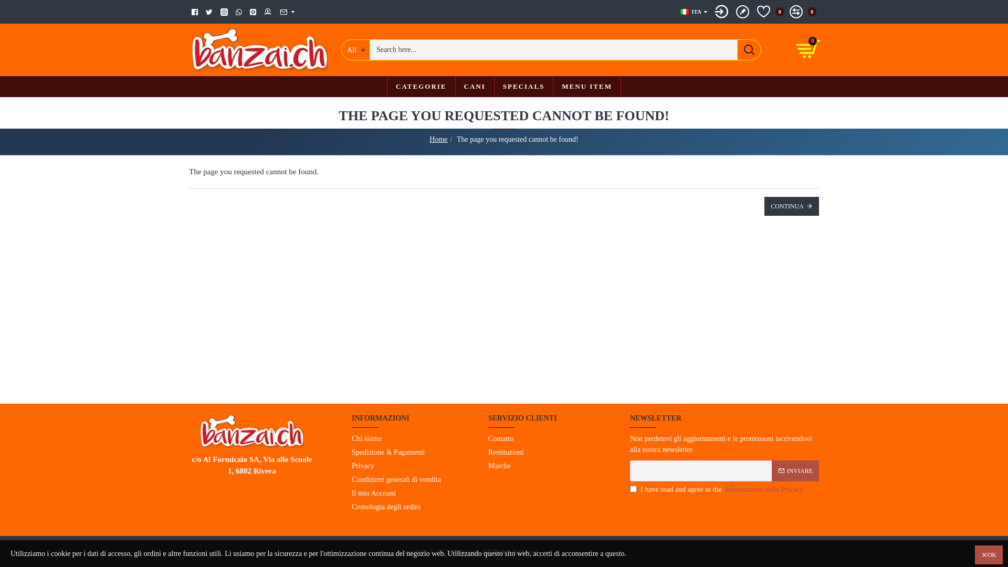 The width and height of the screenshot is (1008, 567). I want to click on 'Informazioni sulla Privacy', so click(722, 489).